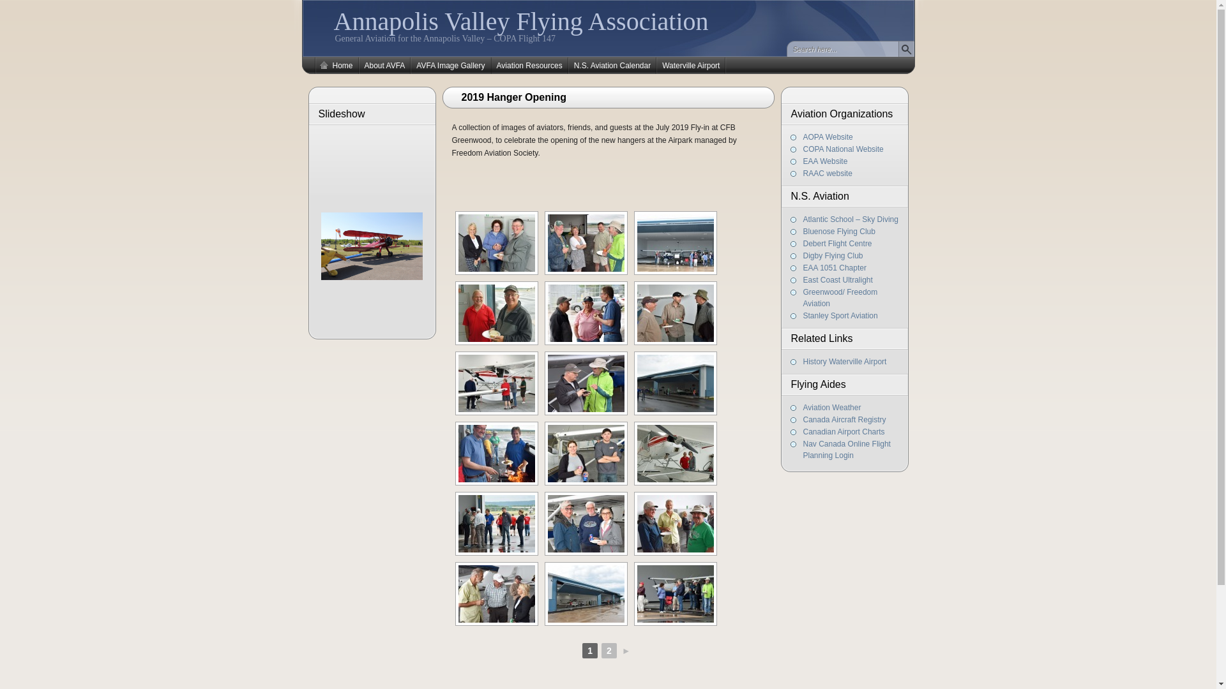 This screenshot has height=689, width=1226. What do you see at coordinates (612, 66) in the screenshot?
I see `'N.S. Aviation Calendar'` at bounding box center [612, 66].